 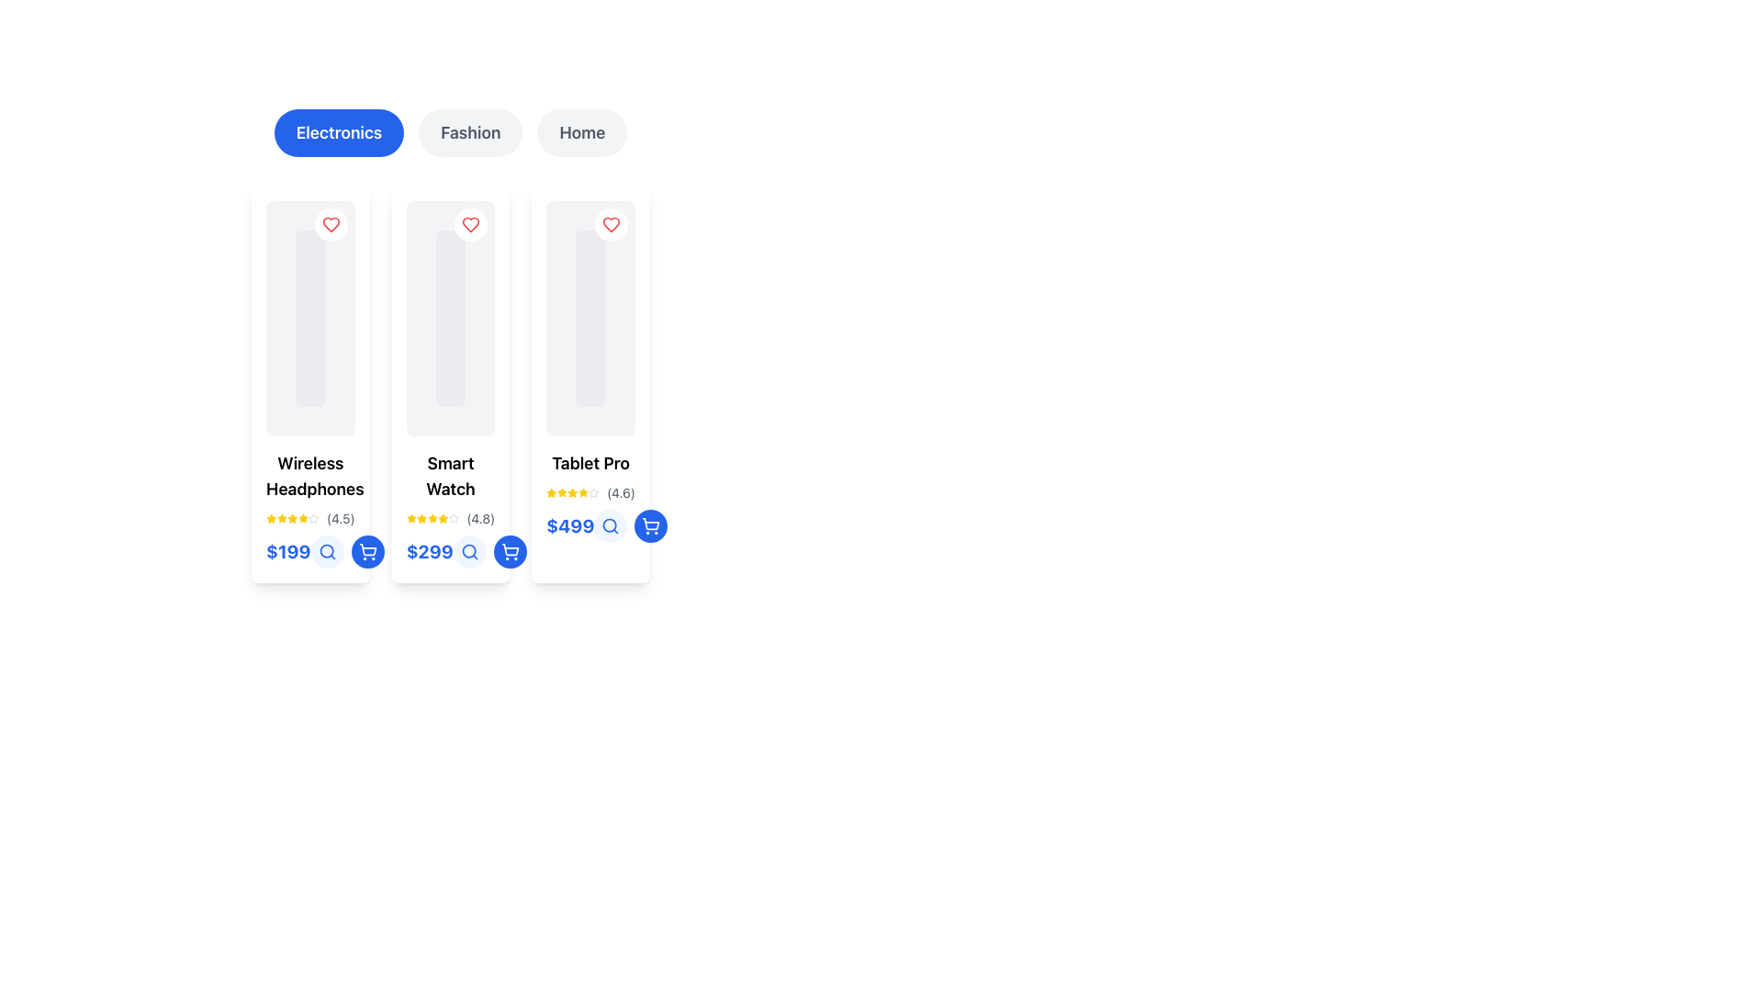 I want to click on the 'Smart Watch' text label, which is the second product title in the Electronics category and is centrally aligned above the rating and price info, so click(x=450, y=476).